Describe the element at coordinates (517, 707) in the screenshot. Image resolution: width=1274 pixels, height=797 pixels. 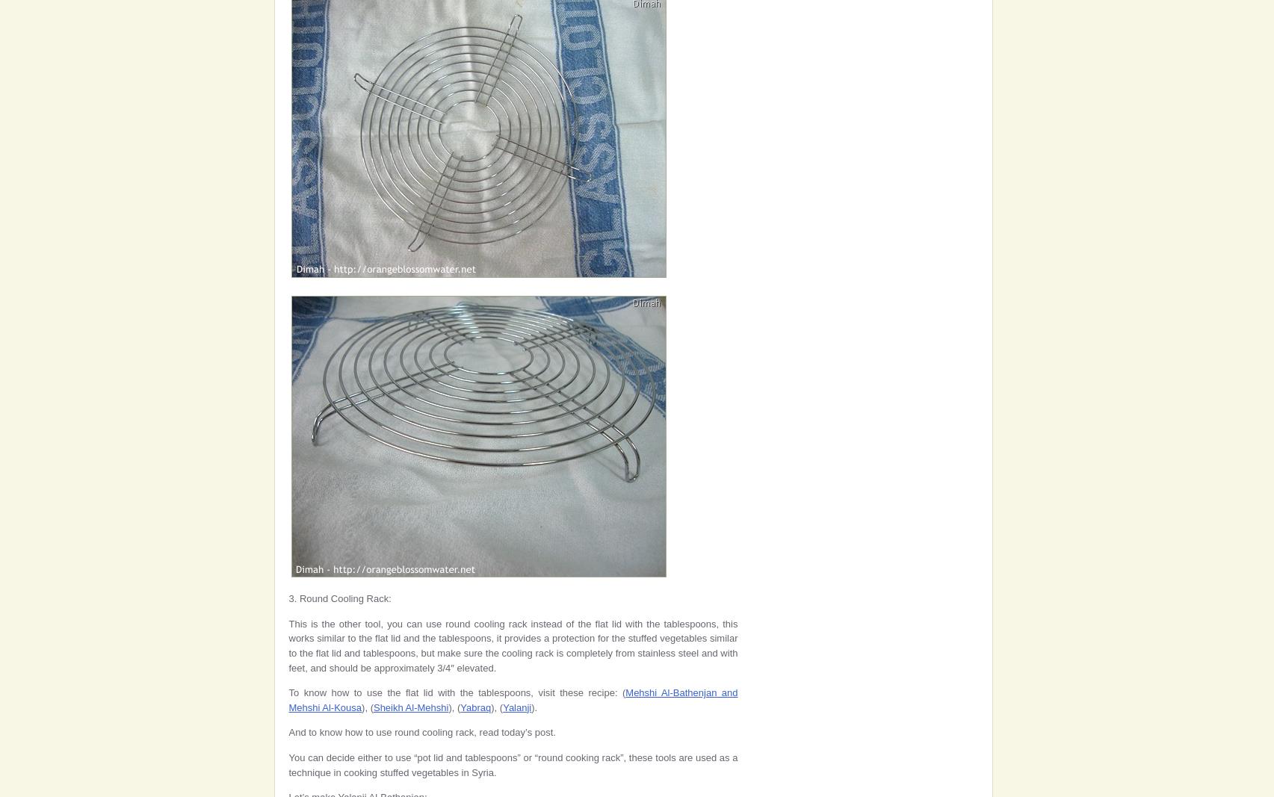
I see `'Yalanji'` at that location.